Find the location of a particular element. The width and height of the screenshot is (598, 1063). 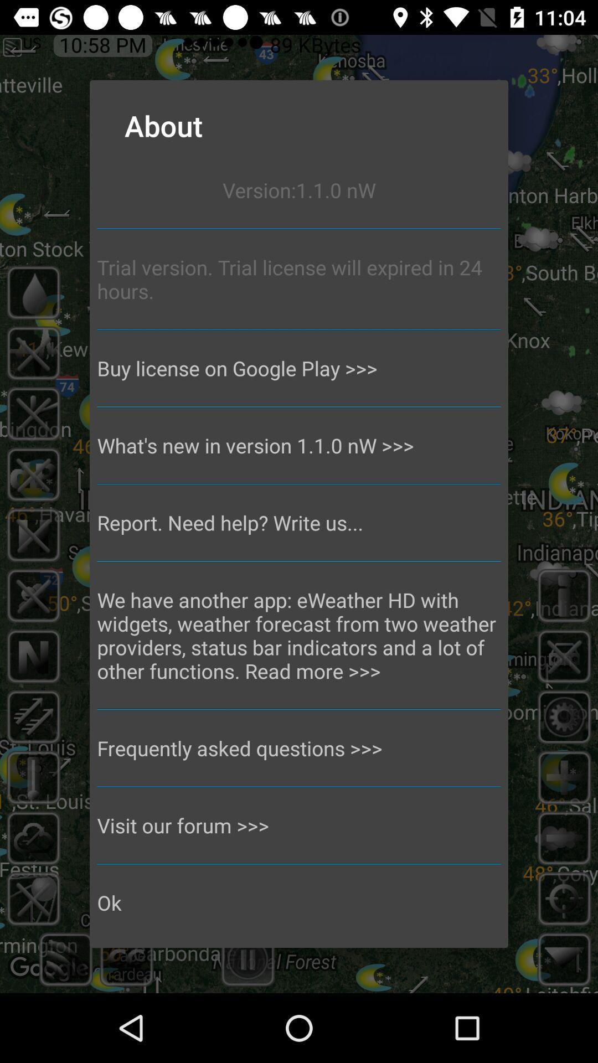

the what s new is located at coordinates (299, 445).